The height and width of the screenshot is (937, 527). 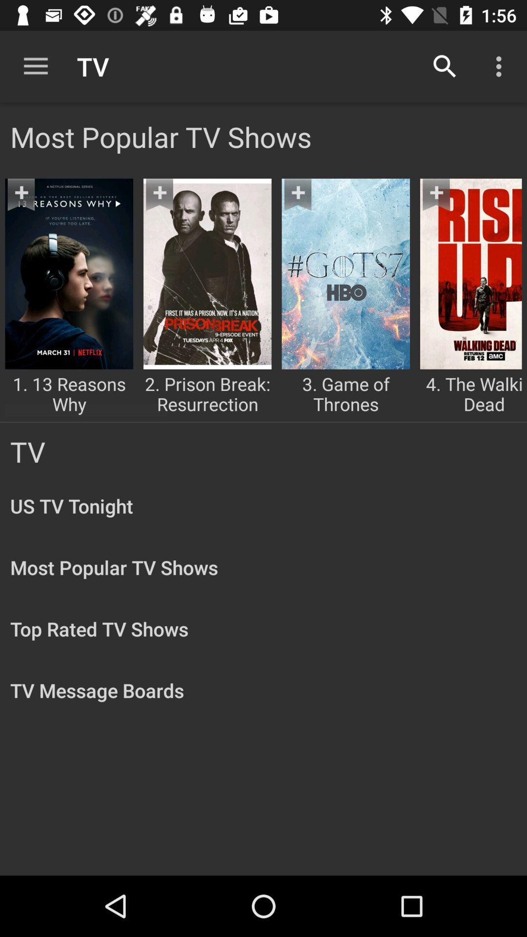 I want to click on the icon above the most popular tv item, so click(x=445, y=66).